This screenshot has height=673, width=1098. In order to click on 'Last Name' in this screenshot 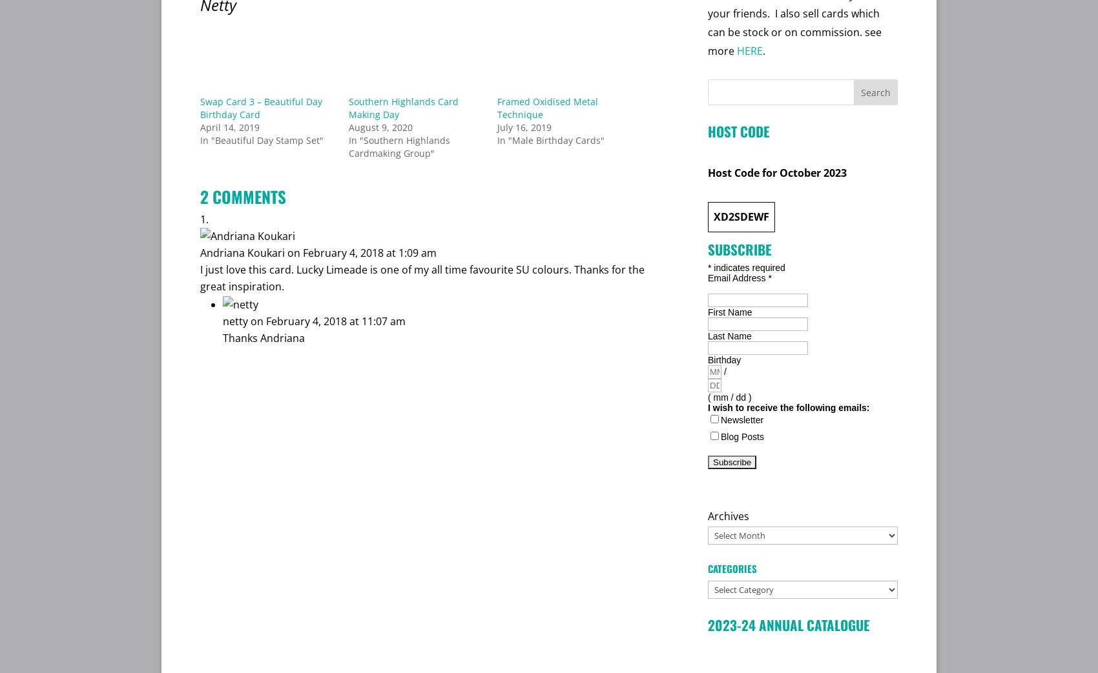, I will do `click(729, 335)`.